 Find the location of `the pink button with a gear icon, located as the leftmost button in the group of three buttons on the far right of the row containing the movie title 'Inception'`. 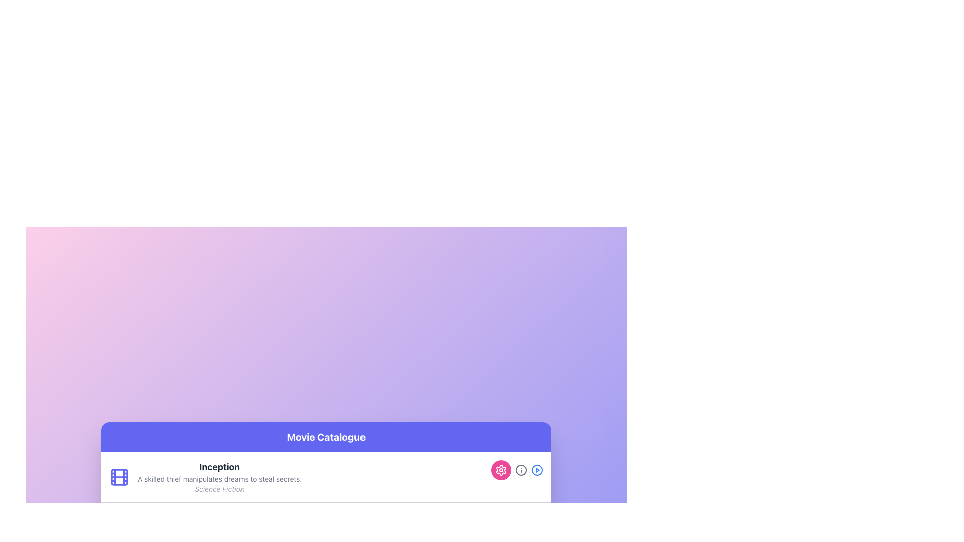

the pink button with a gear icon, located as the leftmost button in the group of three buttons on the far right of the row containing the movie title 'Inception' is located at coordinates (517, 470).